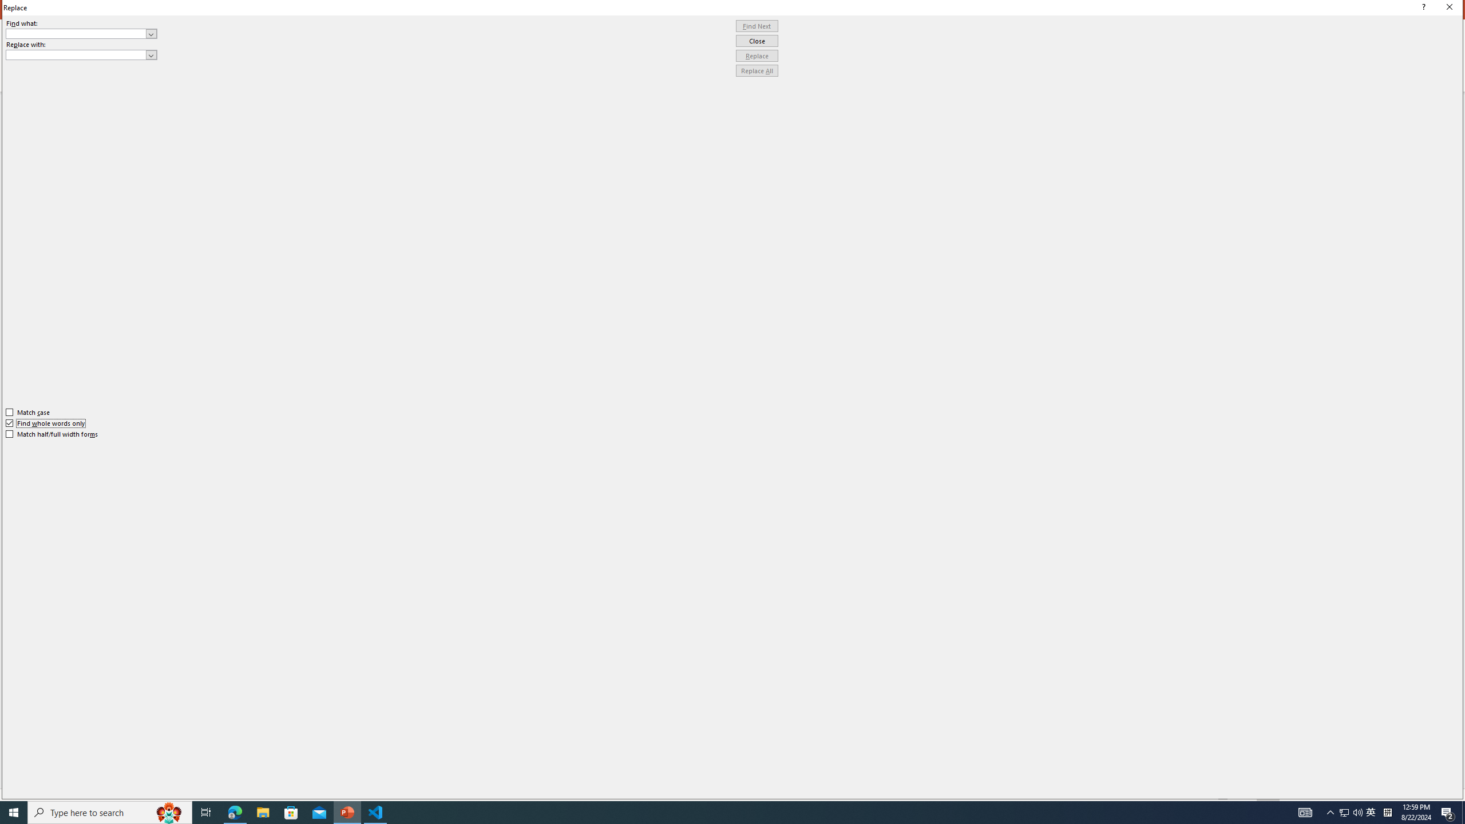 The width and height of the screenshot is (1465, 824). Describe the element at coordinates (1422, 9) in the screenshot. I see `'Context help'` at that location.